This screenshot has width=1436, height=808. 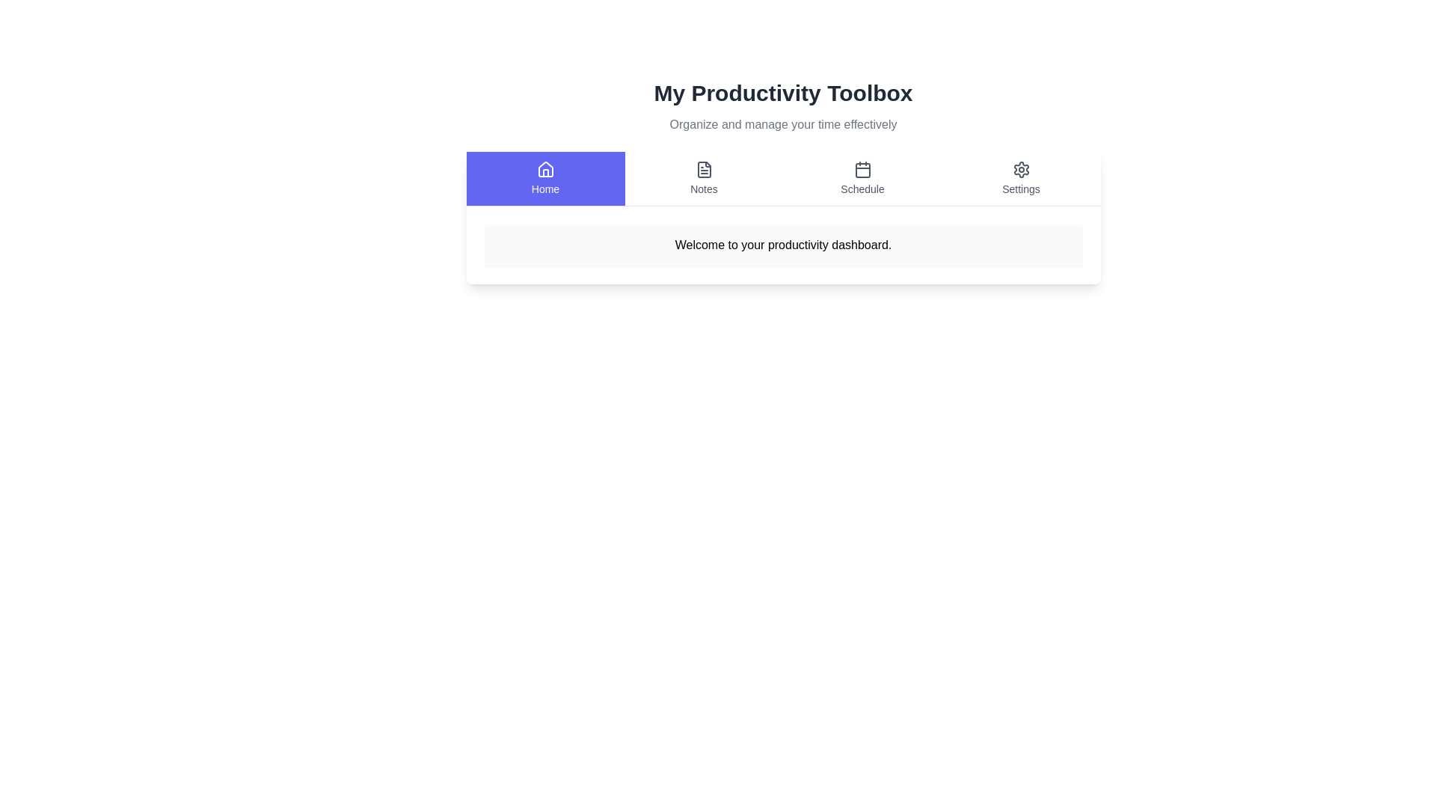 I want to click on the welcoming message static text label located below the header menu and above the main content area of the dashboard interface, so click(x=782, y=244).